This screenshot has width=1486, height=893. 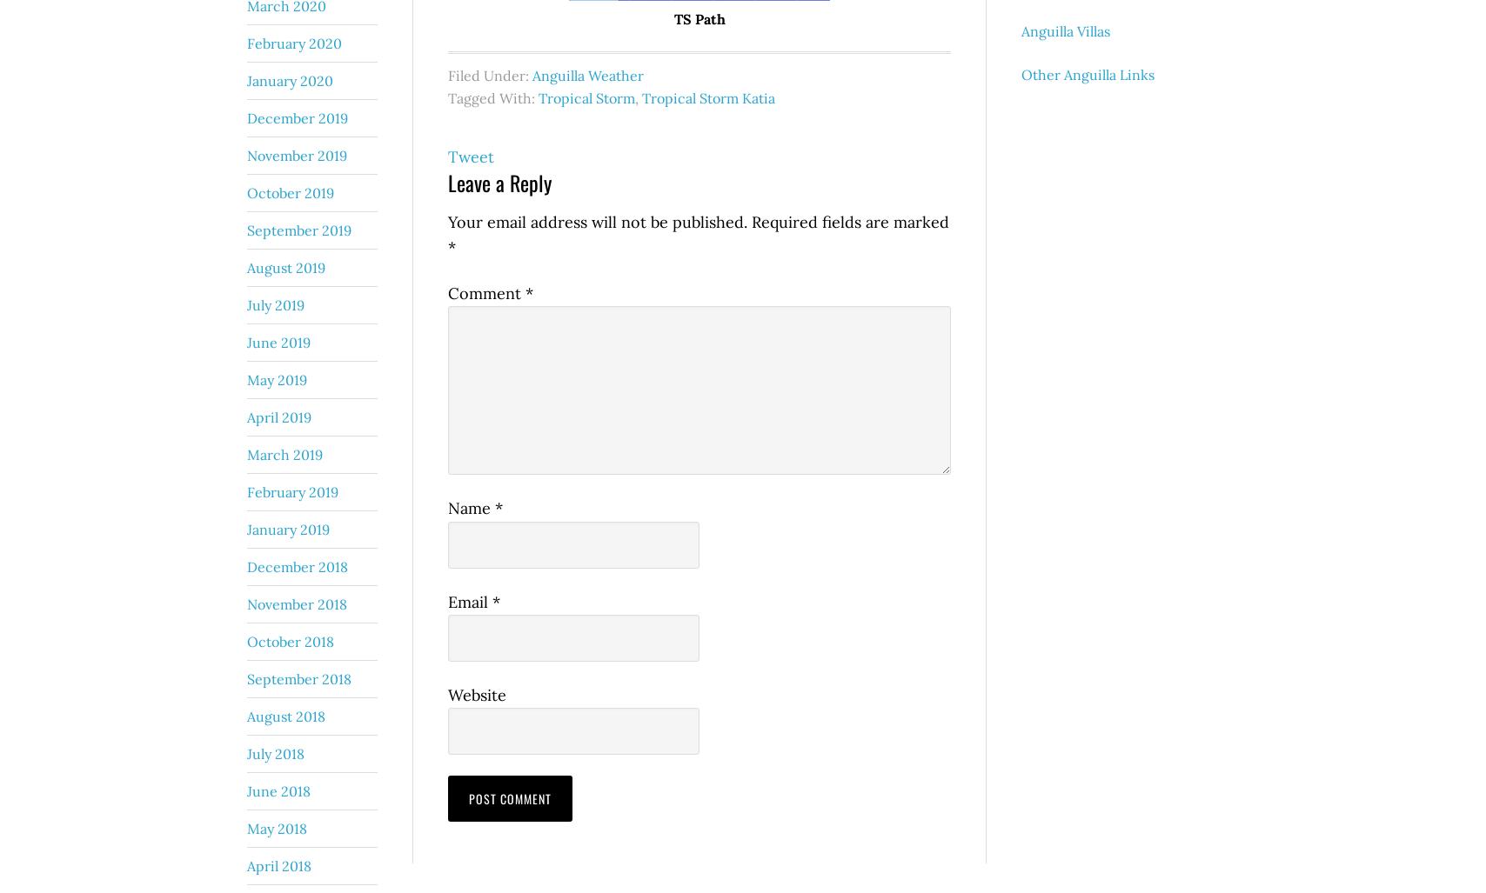 I want to click on 'October 2018', so click(x=291, y=640).